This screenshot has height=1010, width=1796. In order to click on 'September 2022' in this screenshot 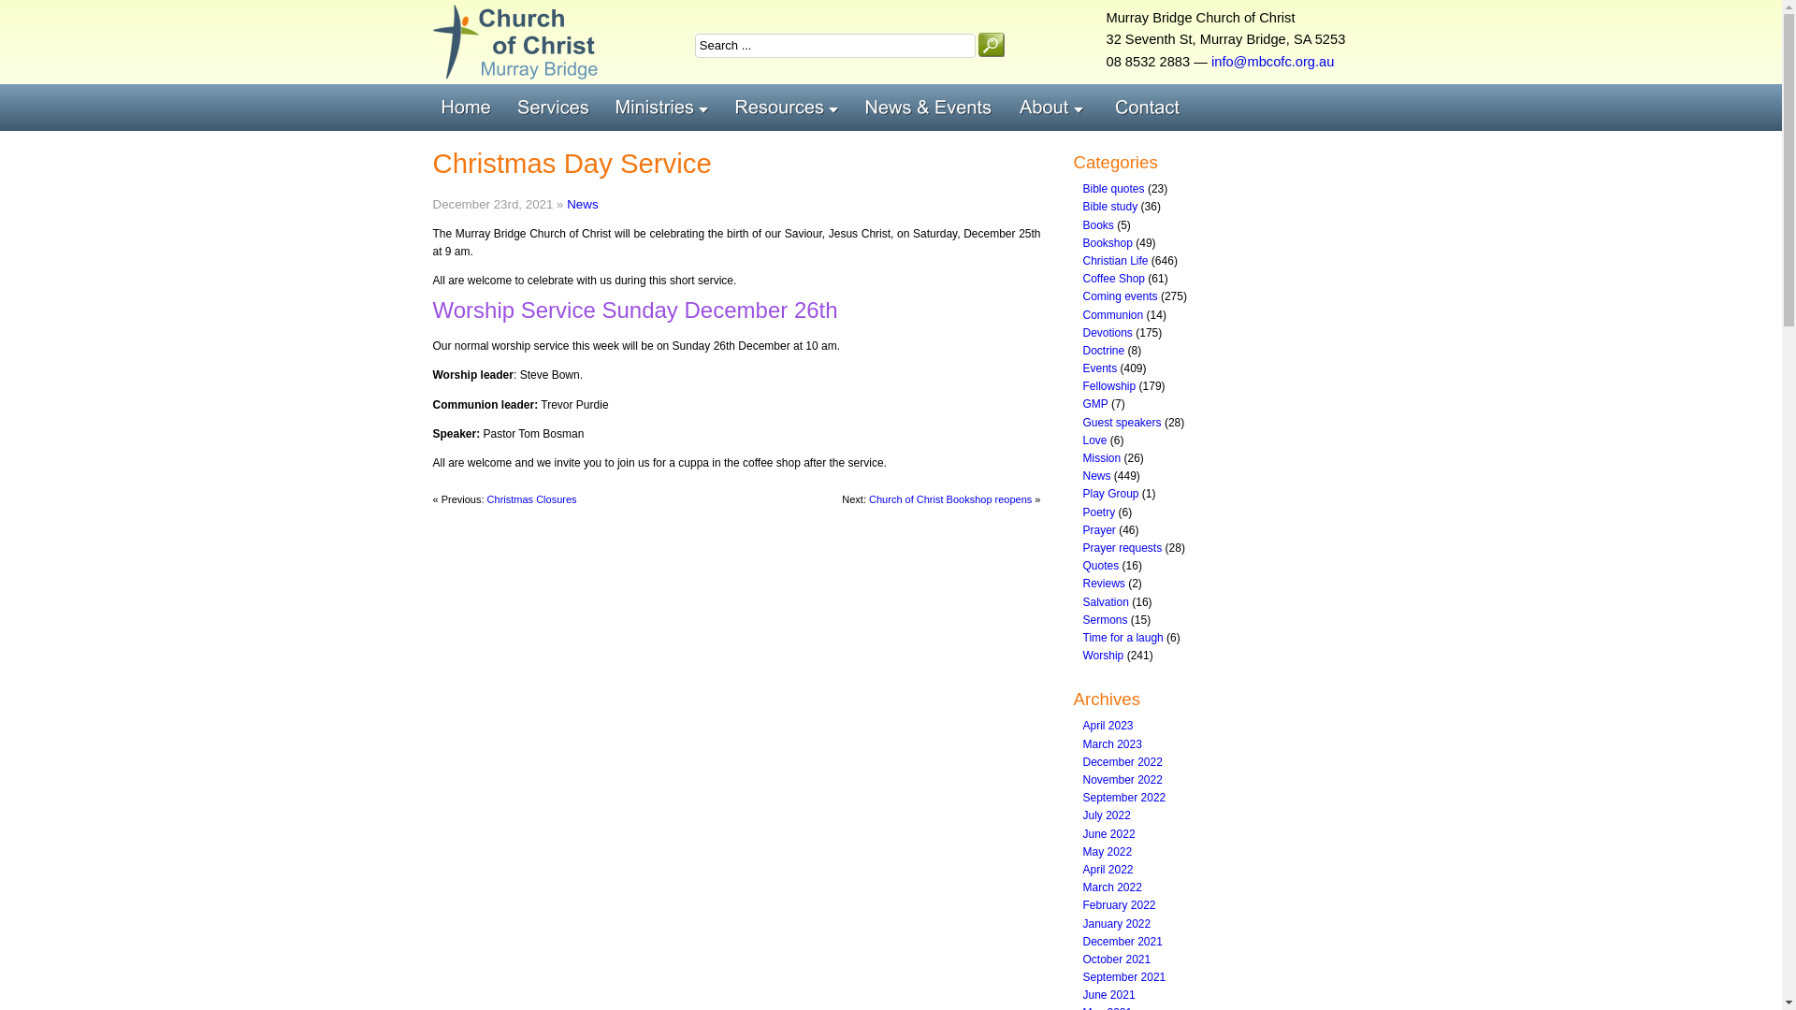, I will do `click(1123, 797)`.